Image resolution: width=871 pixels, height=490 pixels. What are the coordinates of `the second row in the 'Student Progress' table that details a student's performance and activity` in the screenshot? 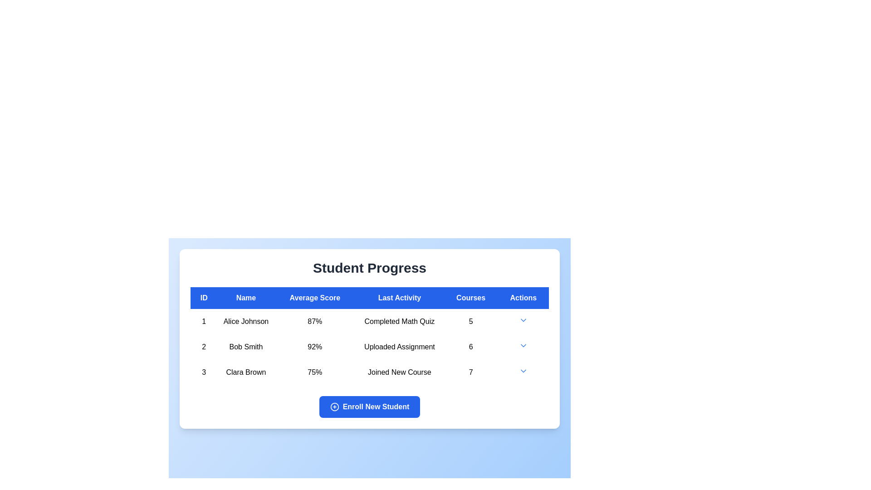 It's located at (370, 347).